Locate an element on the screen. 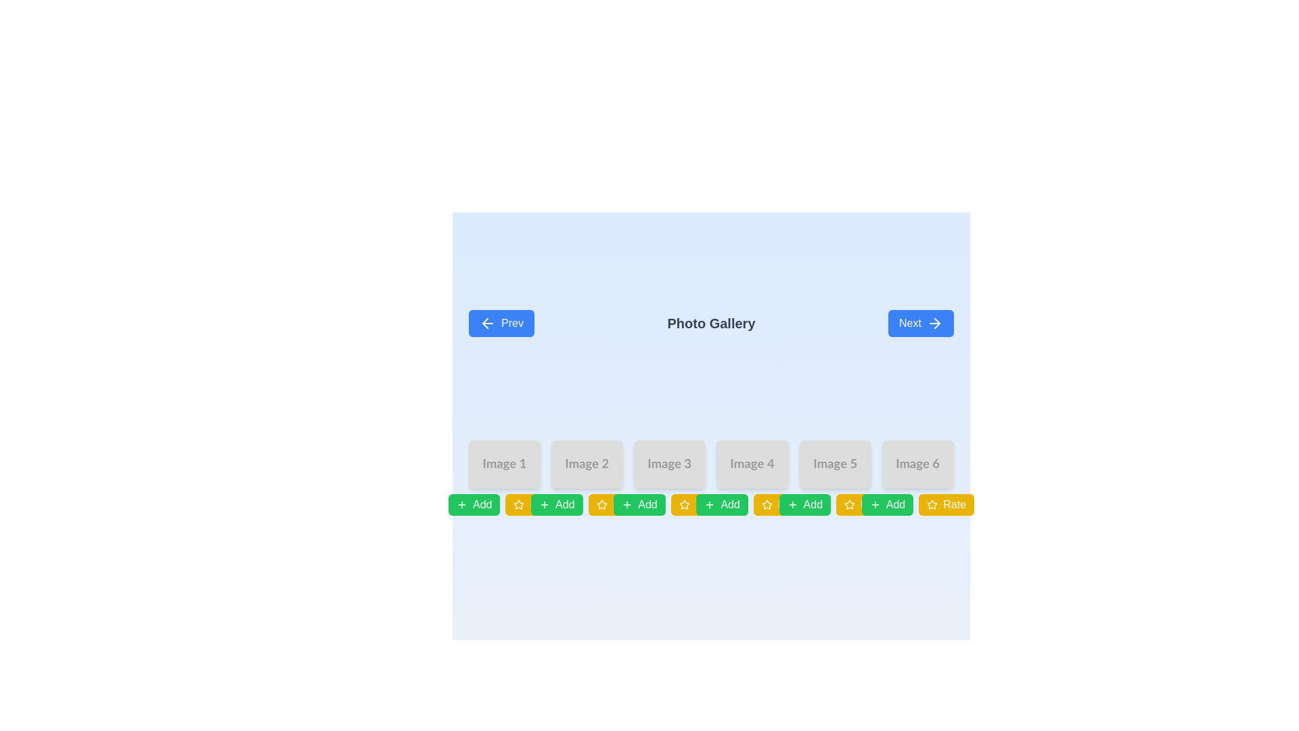 This screenshot has height=731, width=1299. the image placeholder component in the photo gallery is located at coordinates (504, 464).